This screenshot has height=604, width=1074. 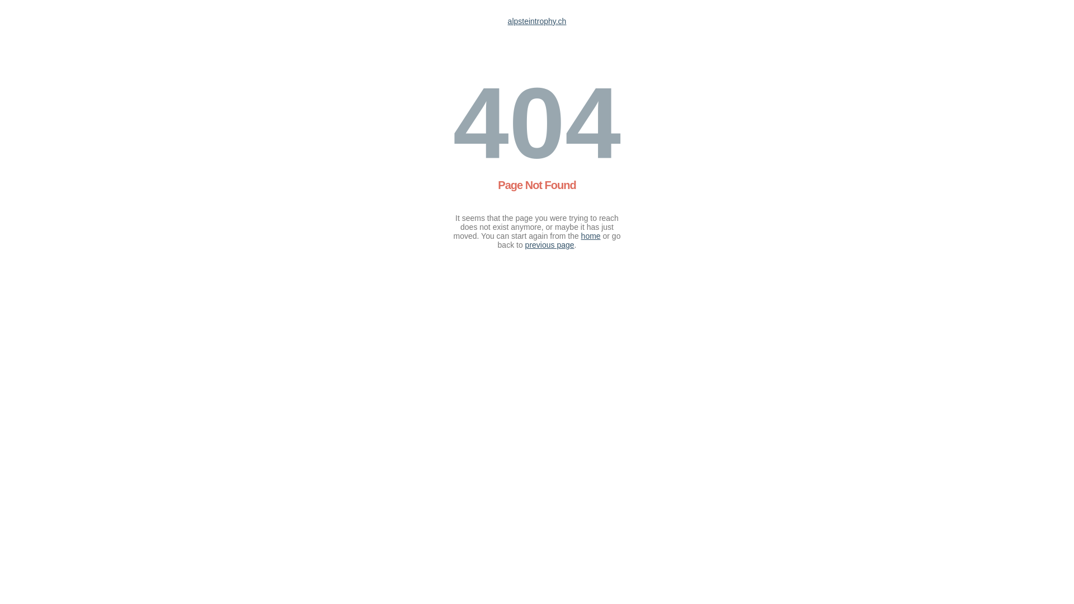 What do you see at coordinates (537, 21) in the screenshot?
I see `'alpsteintrophy.ch'` at bounding box center [537, 21].